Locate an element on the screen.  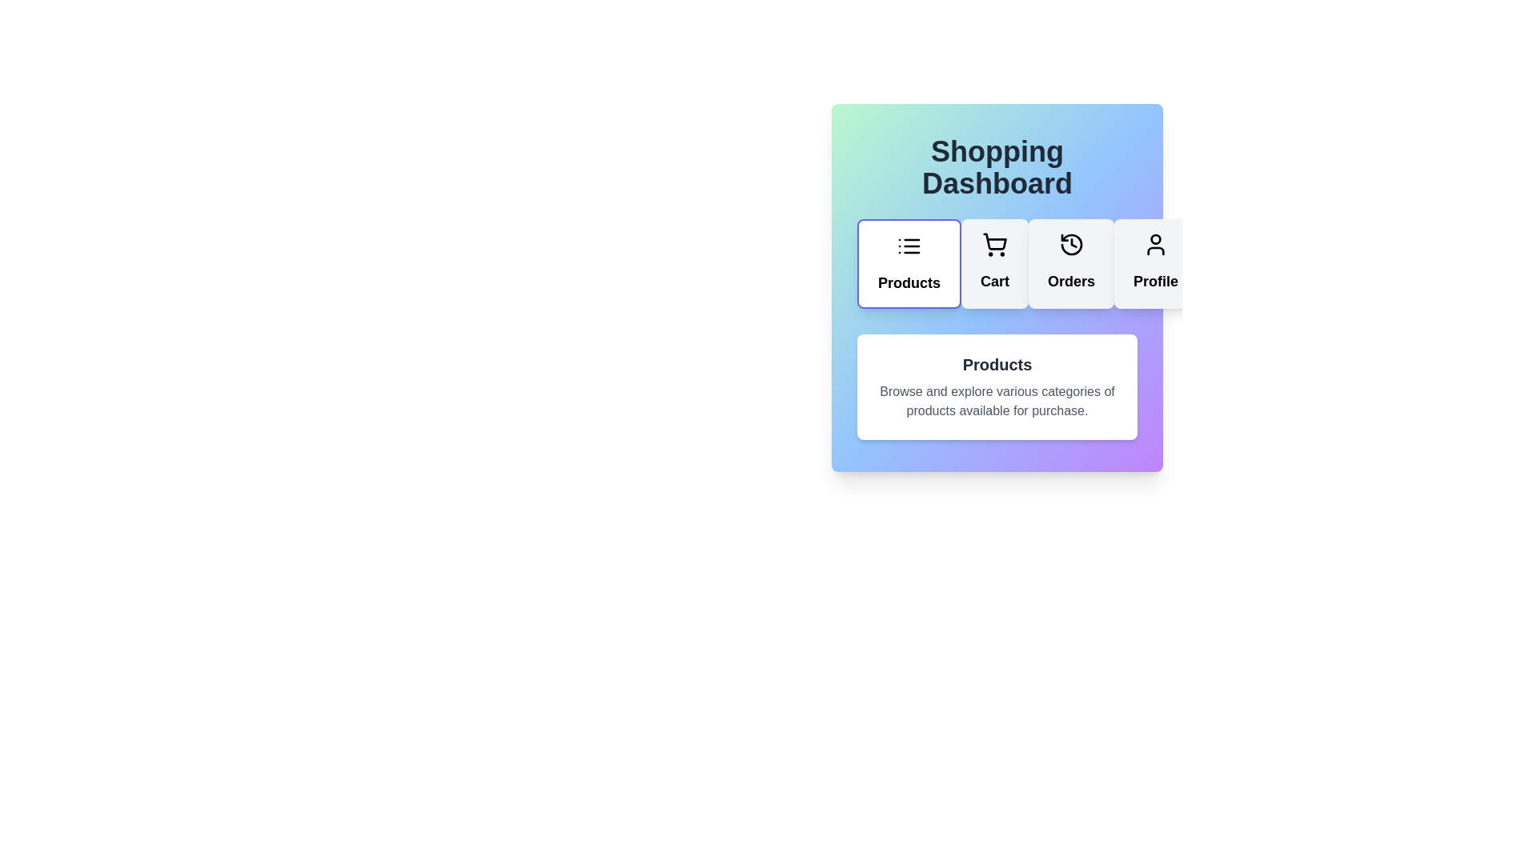
the 'Profile' tab to switch to the profile section is located at coordinates (1156, 263).